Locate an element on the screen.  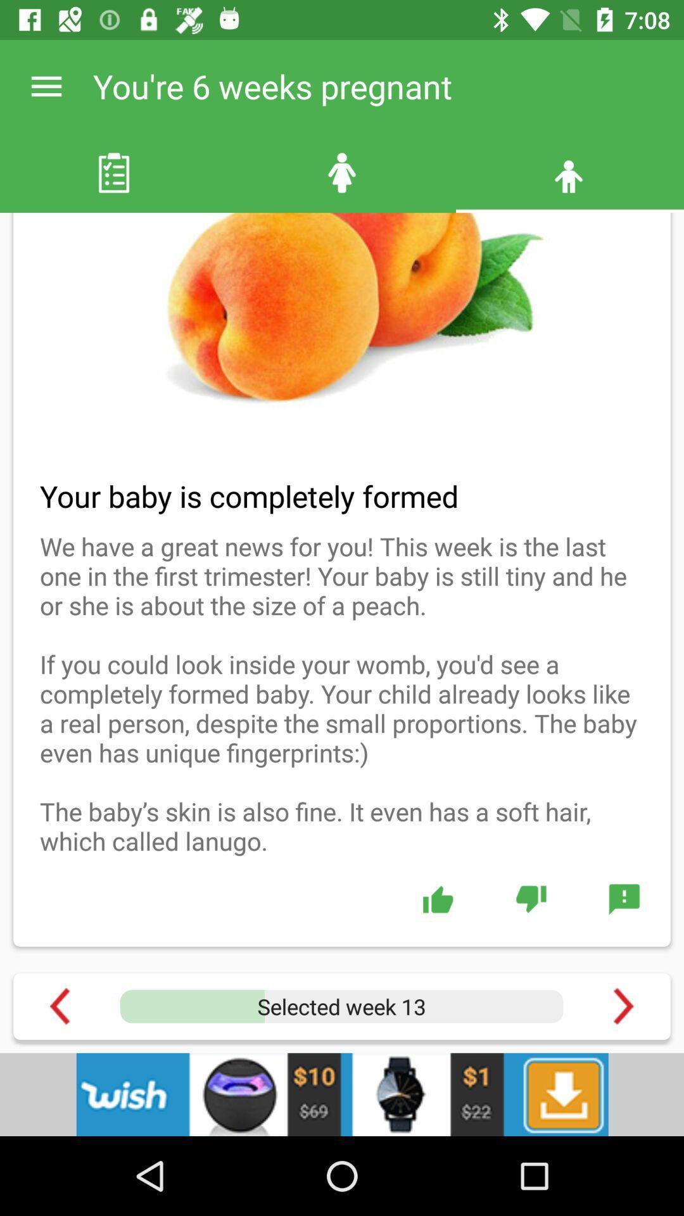
the icon above the forward arrow button on the web page is located at coordinates (623, 899).